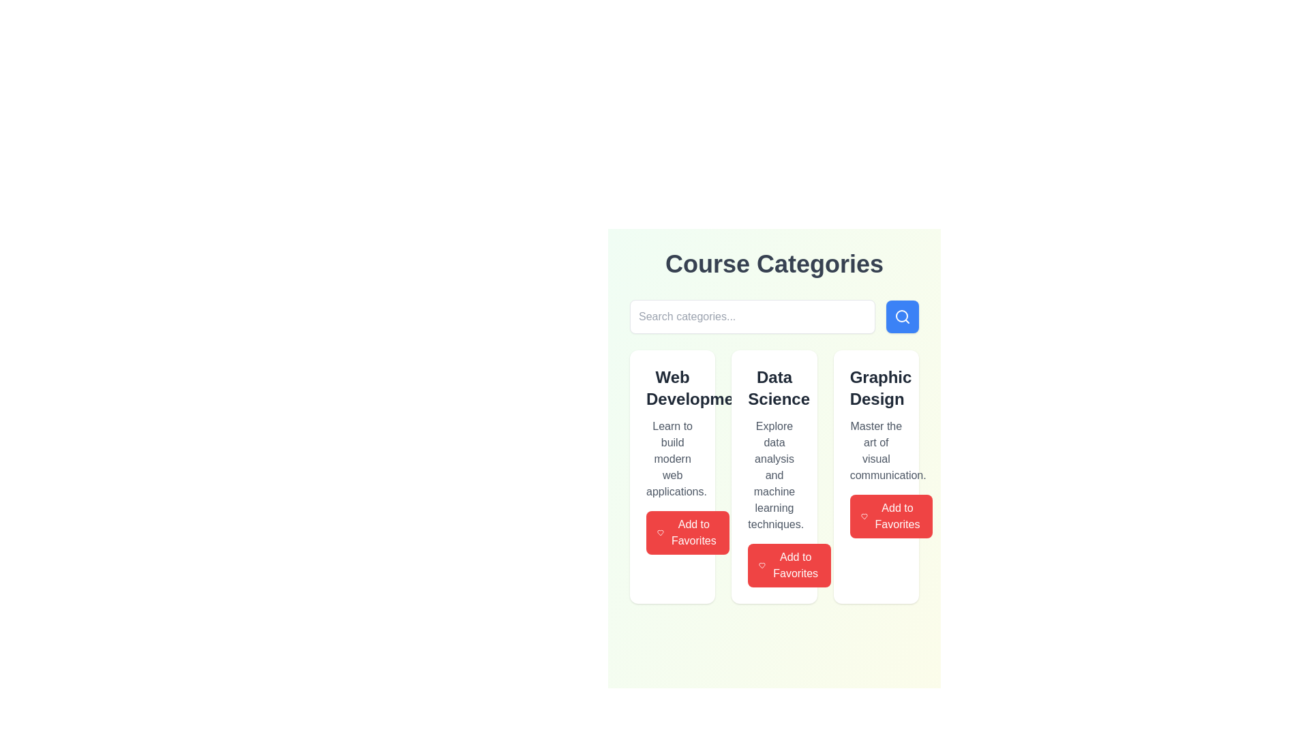 The height and width of the screenshot is (736, 1309). What do you see at coordinates (789, 565) in the screenshot?
I see `the 'Add to Favorites' button located at the bottom section of the 'Data Science' card for accessibility navigation` at bounding box center [789, 565].